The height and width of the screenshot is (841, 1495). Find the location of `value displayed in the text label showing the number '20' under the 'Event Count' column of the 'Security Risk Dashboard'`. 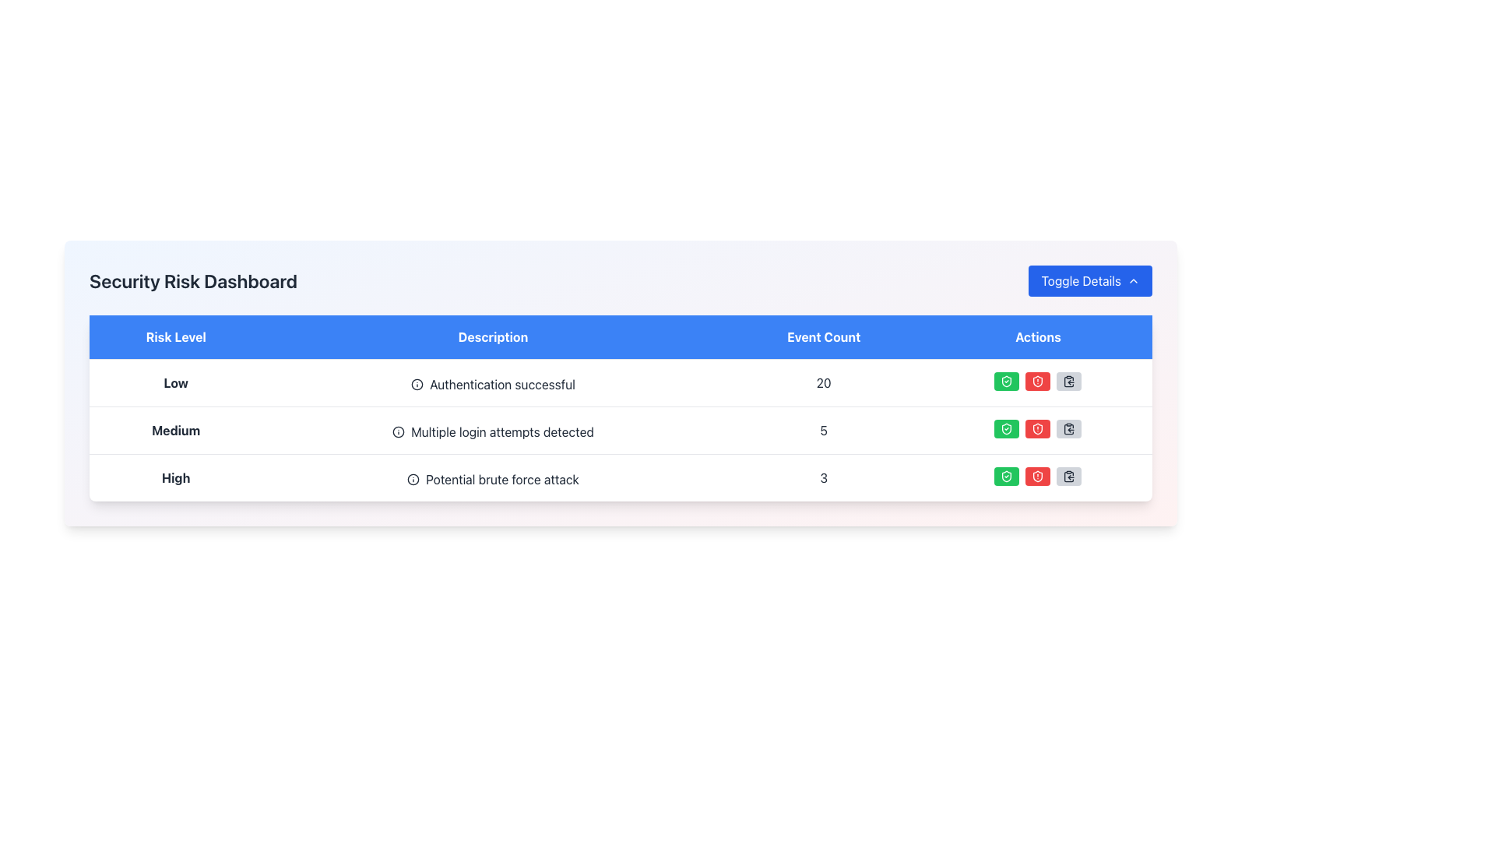

value displayed in the text label showing the number '20' under the 'Event Count' column of the 'Security Risk Dashboard' is located at coordinates (823, 383).